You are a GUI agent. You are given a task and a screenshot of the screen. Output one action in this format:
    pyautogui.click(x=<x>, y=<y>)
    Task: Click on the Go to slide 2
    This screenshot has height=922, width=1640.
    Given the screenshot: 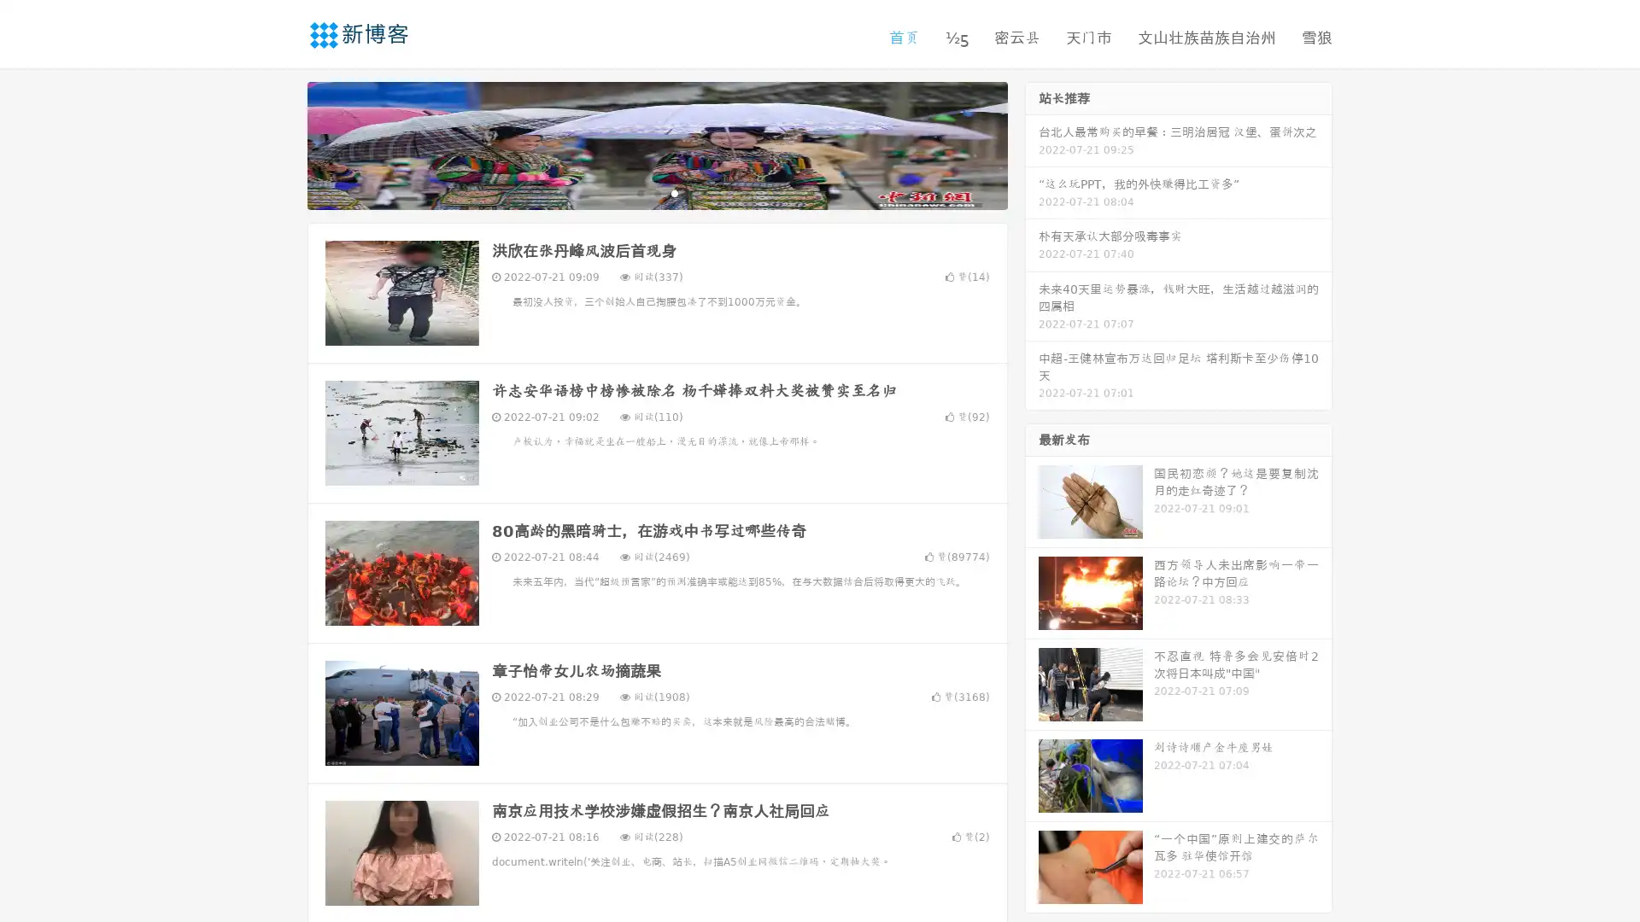 What is the action you would take?
    pyautogui.click(x=656, y=192)
    